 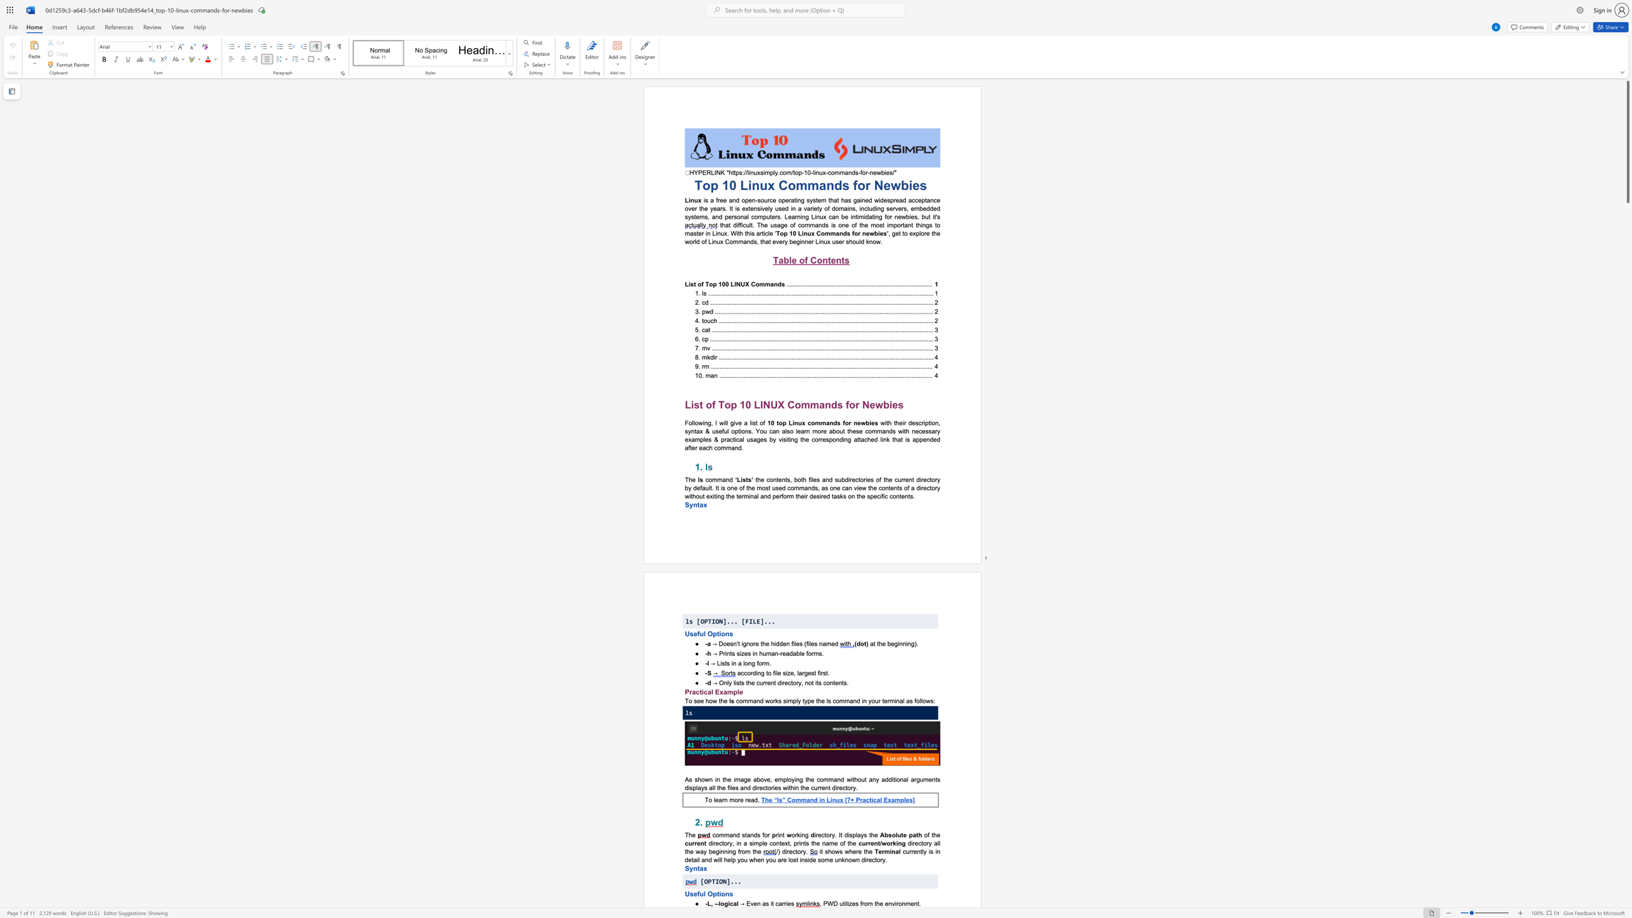 I want to click on the subset text "o see how" within the text "To see how the", so click(x=689, y=701).